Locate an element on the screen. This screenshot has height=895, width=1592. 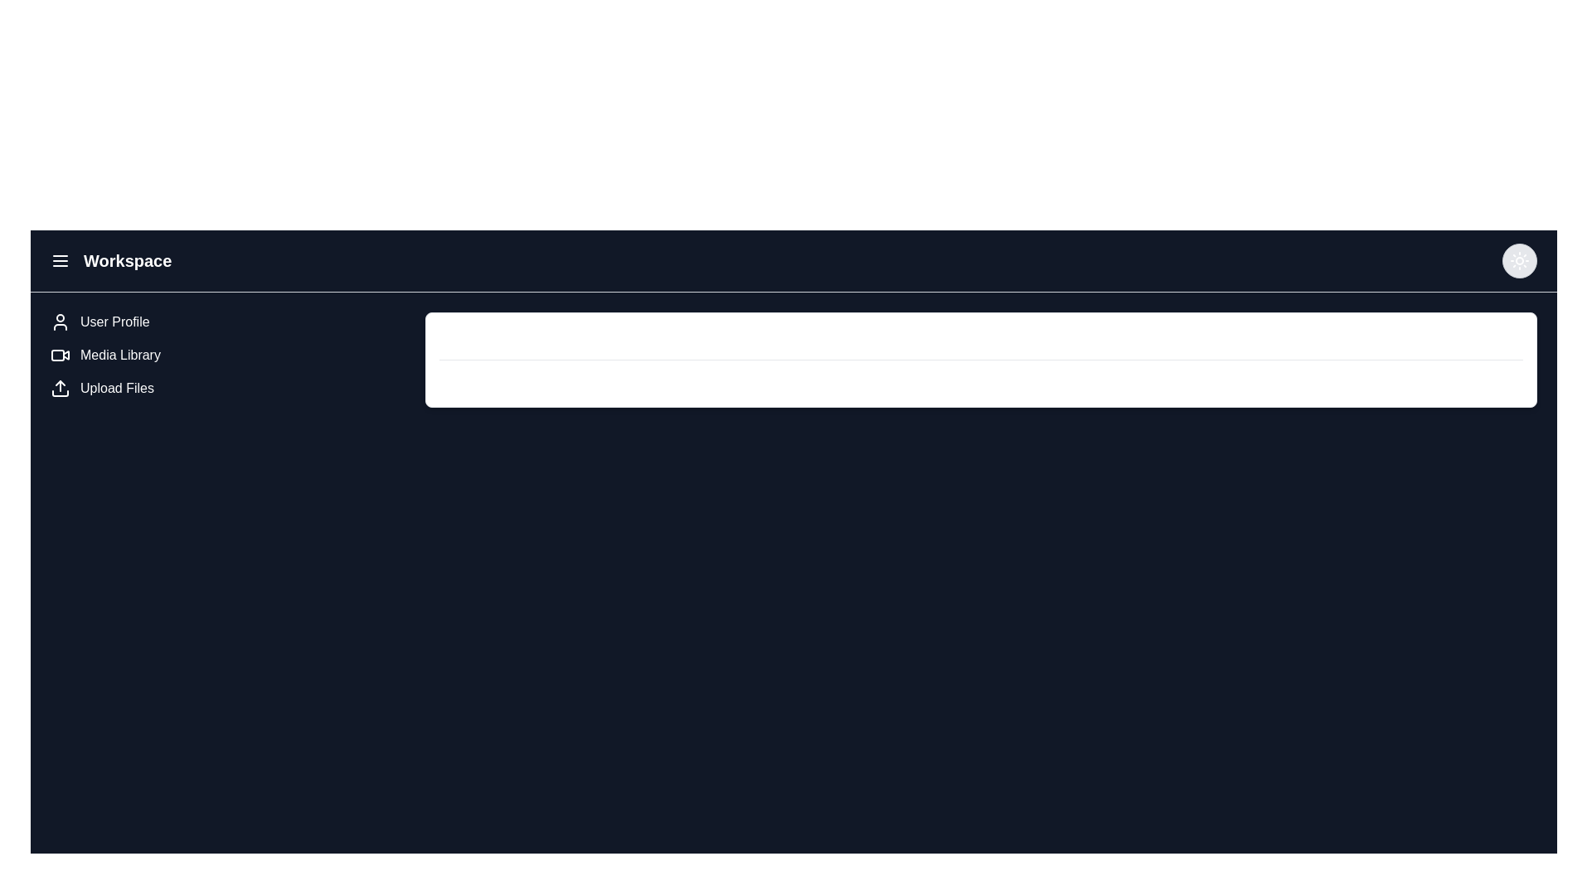
the small rectangle button with rounded corners located within the video camera icon in the left sidebar is located at coordinates (58, 354).